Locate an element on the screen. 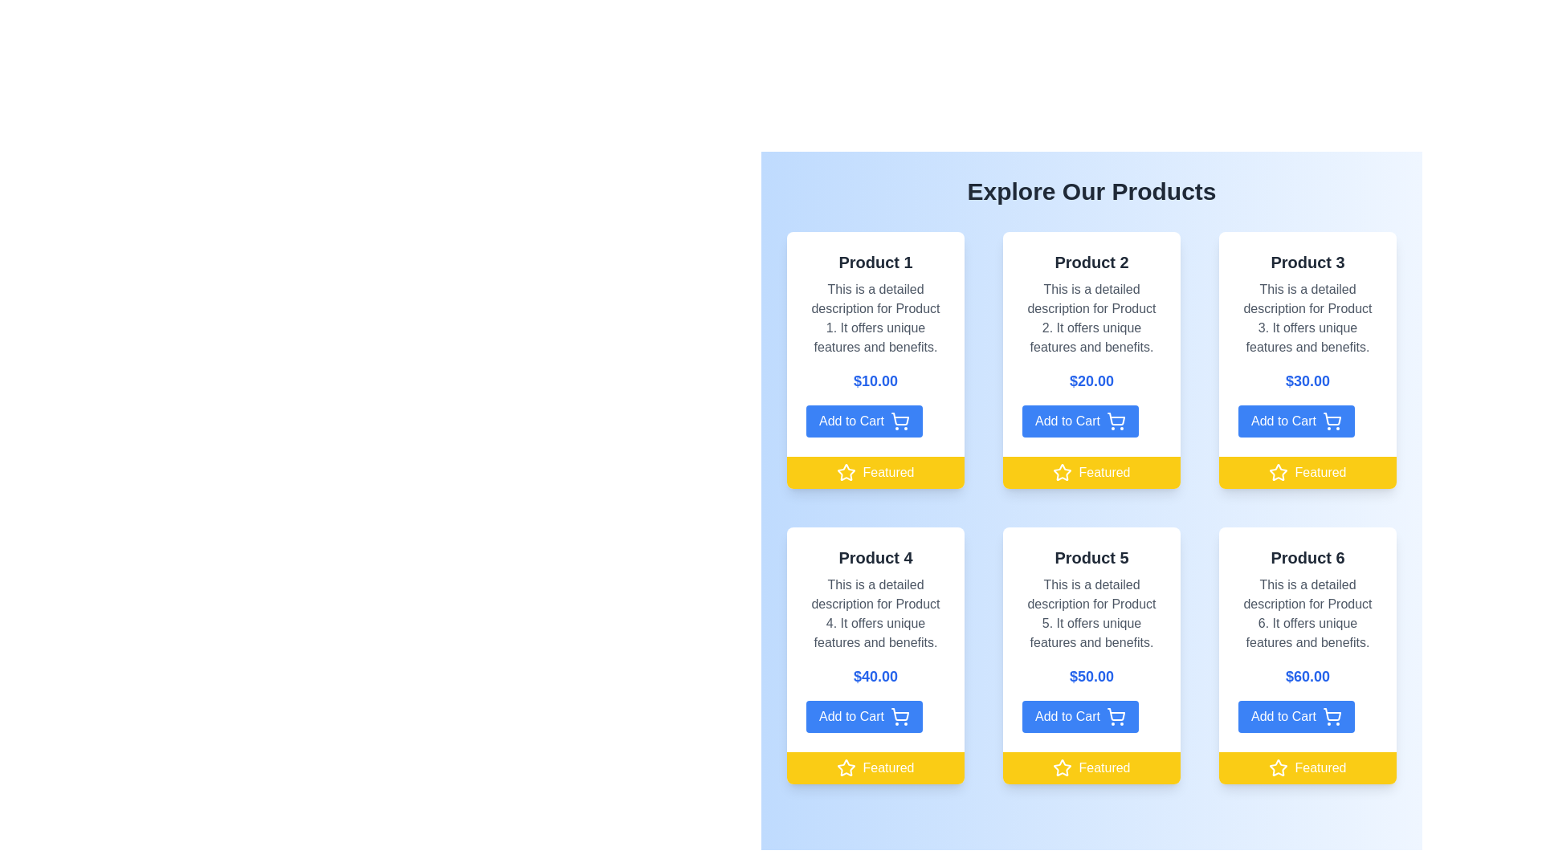 The height and width of the screenshot is (867, 1542). the shopping cart icon, which is the rightmost component of the blue 'Add to Cart' button within the 'Product 1' card in the product grid is located at coordinates (899, 420).